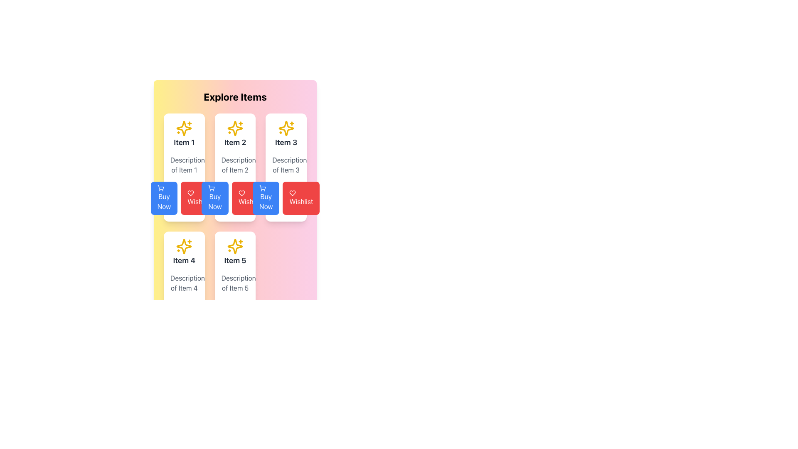  What do you see at coordinates (241, 193) in the screenshot?
I see `the heart icon with a red fill and white border located inside the 'Wishlist' button to interact` at bounding box center [241, 193].